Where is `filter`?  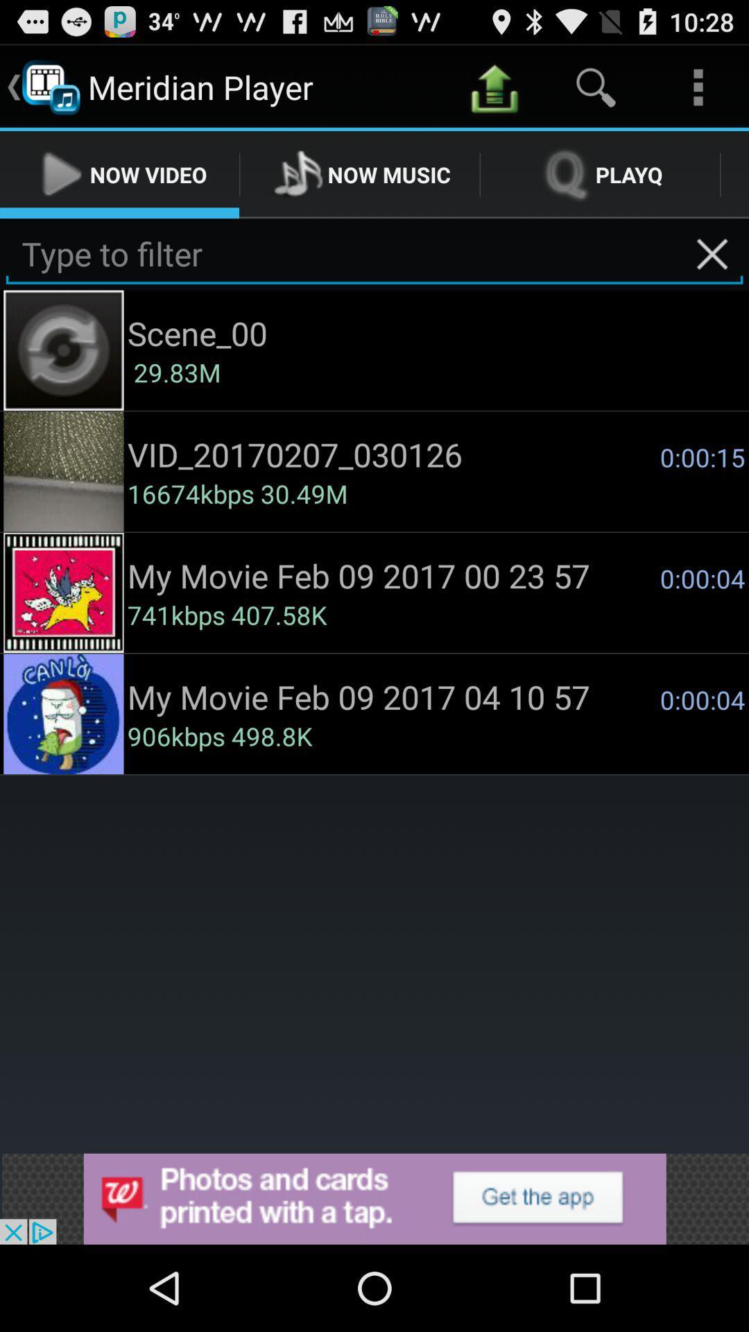
filter is located at coordinates (374, 254).